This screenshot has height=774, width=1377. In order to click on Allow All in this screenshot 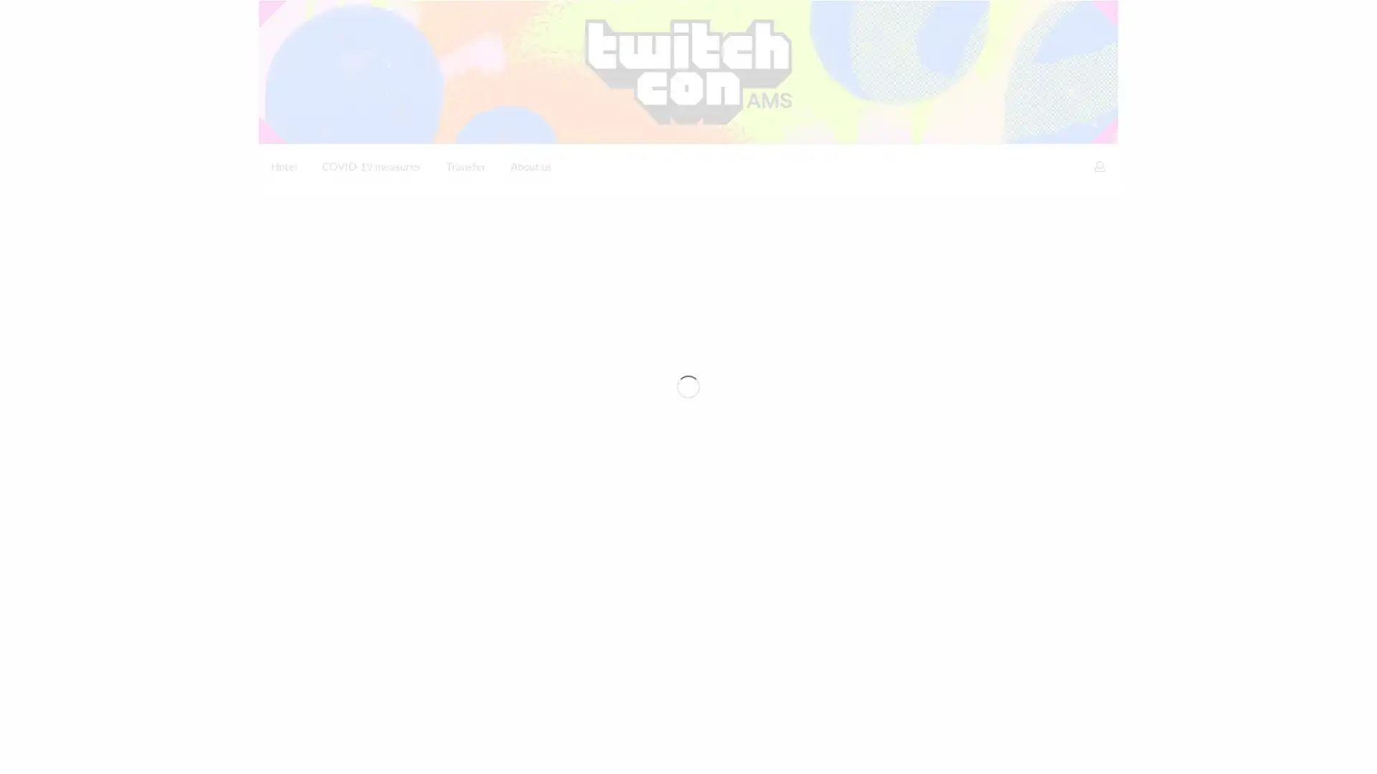, I will do `click(1064, 750)`.